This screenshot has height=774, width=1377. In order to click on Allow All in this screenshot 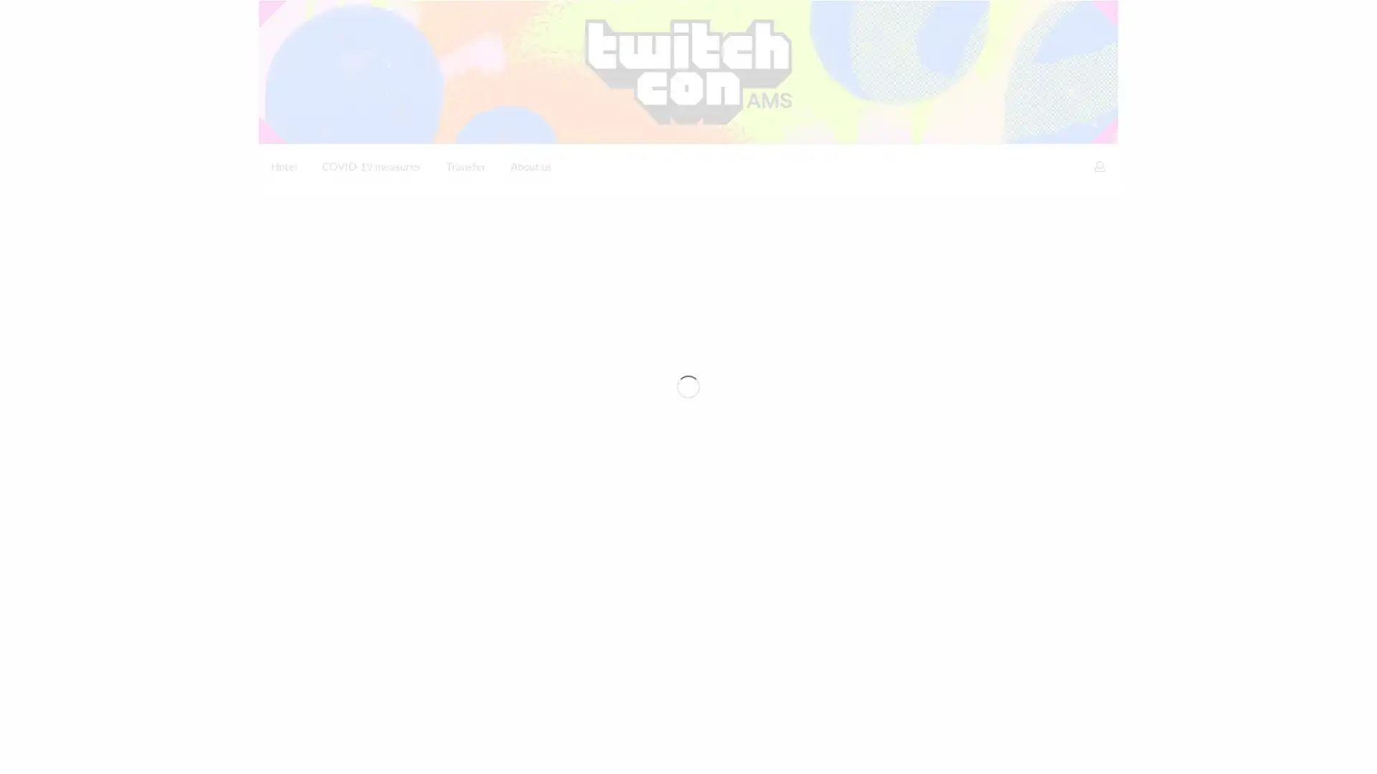, I will do `click(1064, 750)`.